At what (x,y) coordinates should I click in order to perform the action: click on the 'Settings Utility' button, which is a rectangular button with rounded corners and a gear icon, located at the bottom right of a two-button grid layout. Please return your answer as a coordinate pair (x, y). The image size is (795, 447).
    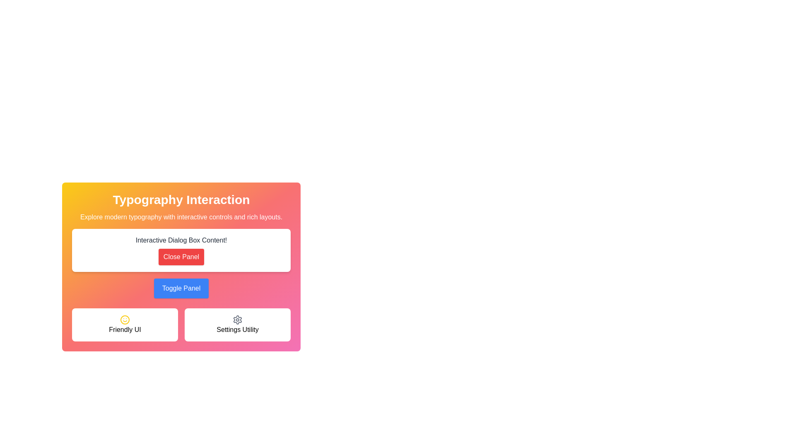
    Looking at the image, I should click on (237, 324).